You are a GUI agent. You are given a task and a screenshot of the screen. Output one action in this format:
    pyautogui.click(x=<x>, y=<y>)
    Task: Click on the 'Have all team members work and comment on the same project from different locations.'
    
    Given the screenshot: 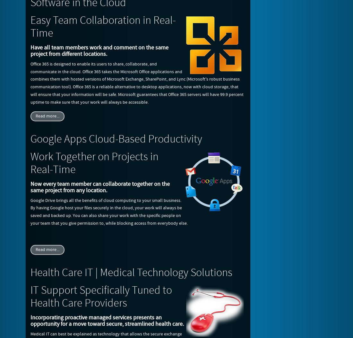 What is the action you would take?
    pyautogui.click(x=99, y=50)
    